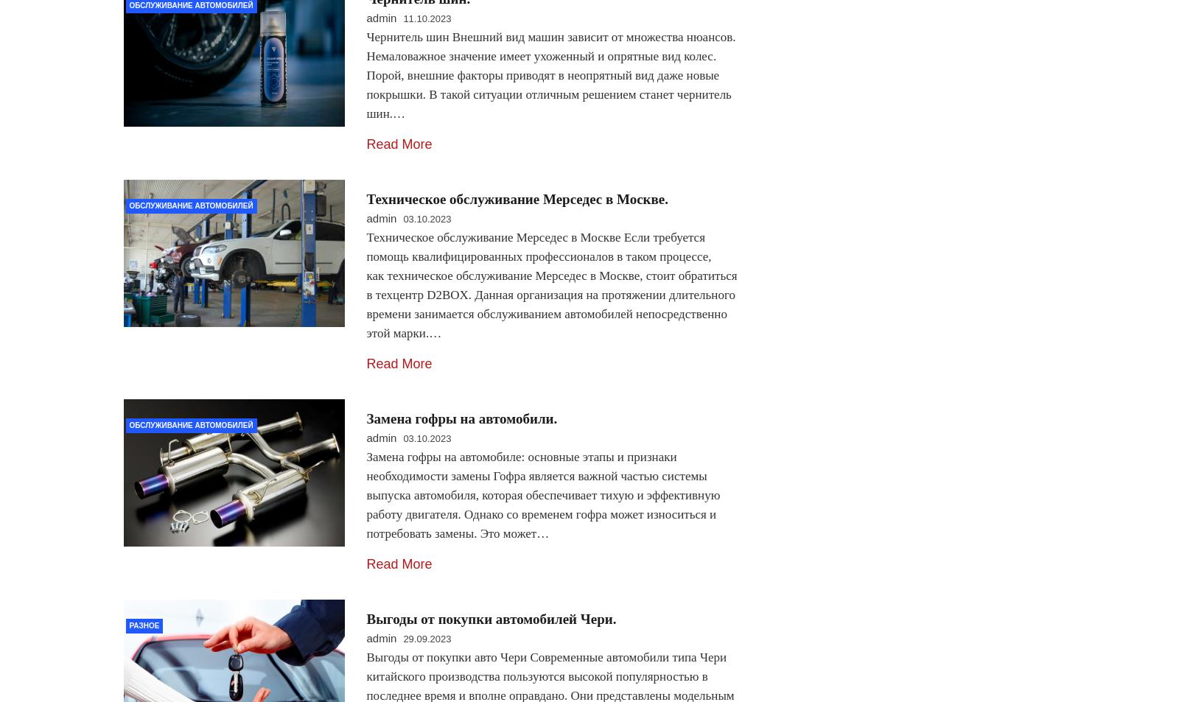 The height and width of the screenshot is (702, 1179). What do you see at coordinates (426, 639) in the screenshot?
I see `'29.09.2023'` at bounding box center [426, 639].